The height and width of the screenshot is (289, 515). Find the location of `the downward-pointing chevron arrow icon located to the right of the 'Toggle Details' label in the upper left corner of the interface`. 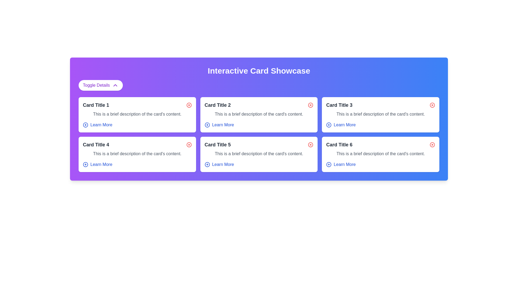

the downward-pointing chevron arrow icon located to the right of the 'Toggle Details' label in the upper left corner of the interface is located at coordinates (115, 85).